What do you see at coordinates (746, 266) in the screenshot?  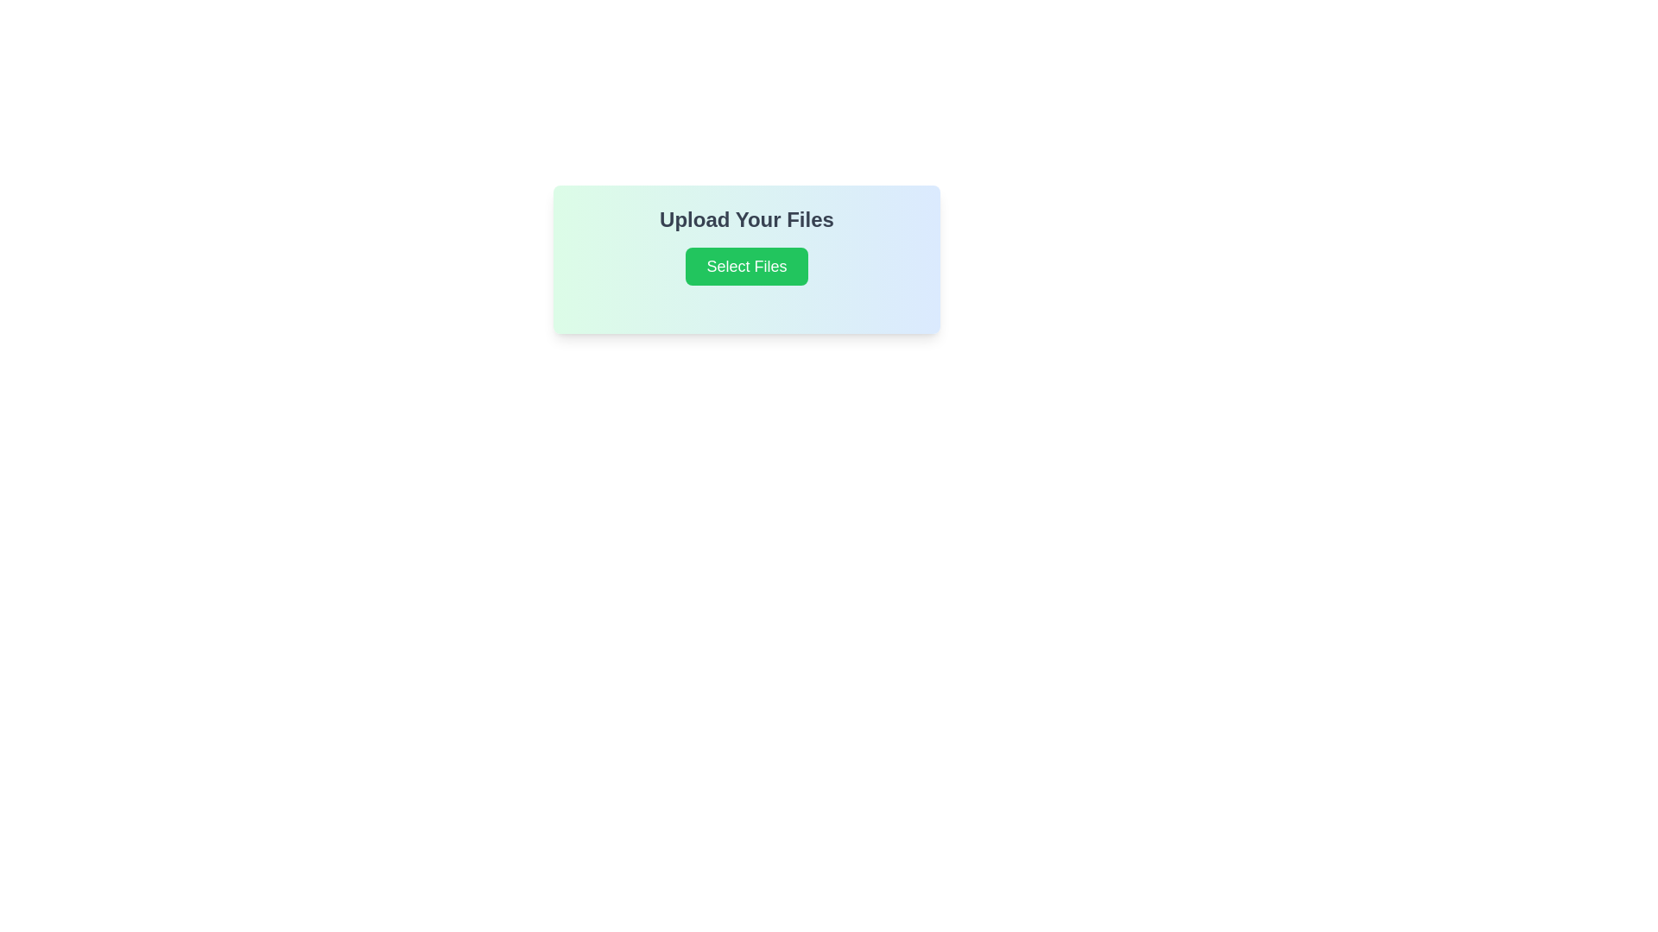 I see `the 'Select Files' button, which is a green rectangular button with rounded corners located centrally below the text 'Upload Your Files'` at bounding box center [746, 266].